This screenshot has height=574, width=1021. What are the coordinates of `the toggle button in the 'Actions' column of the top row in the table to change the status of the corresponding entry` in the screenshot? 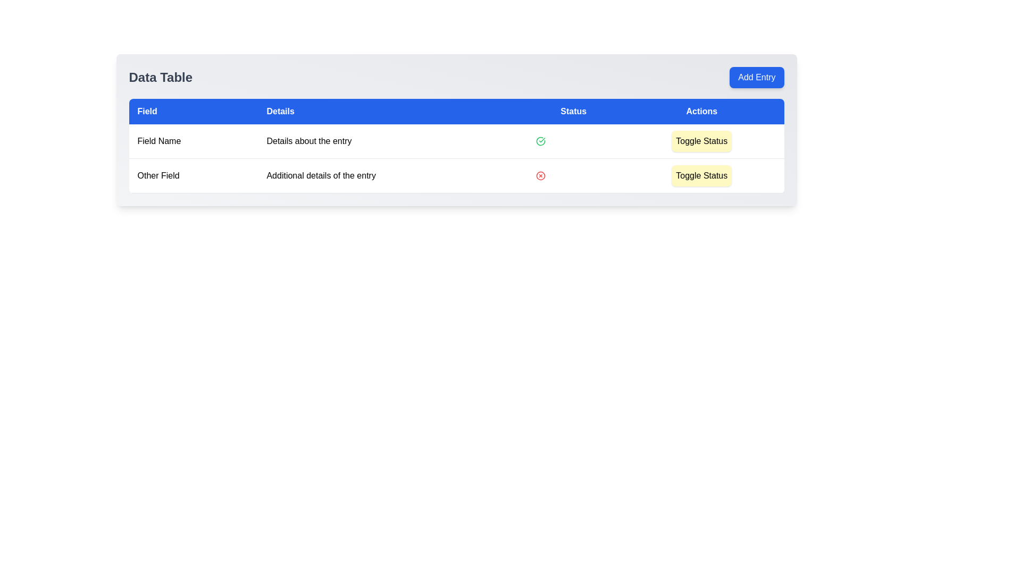 It's located at (701, 141).